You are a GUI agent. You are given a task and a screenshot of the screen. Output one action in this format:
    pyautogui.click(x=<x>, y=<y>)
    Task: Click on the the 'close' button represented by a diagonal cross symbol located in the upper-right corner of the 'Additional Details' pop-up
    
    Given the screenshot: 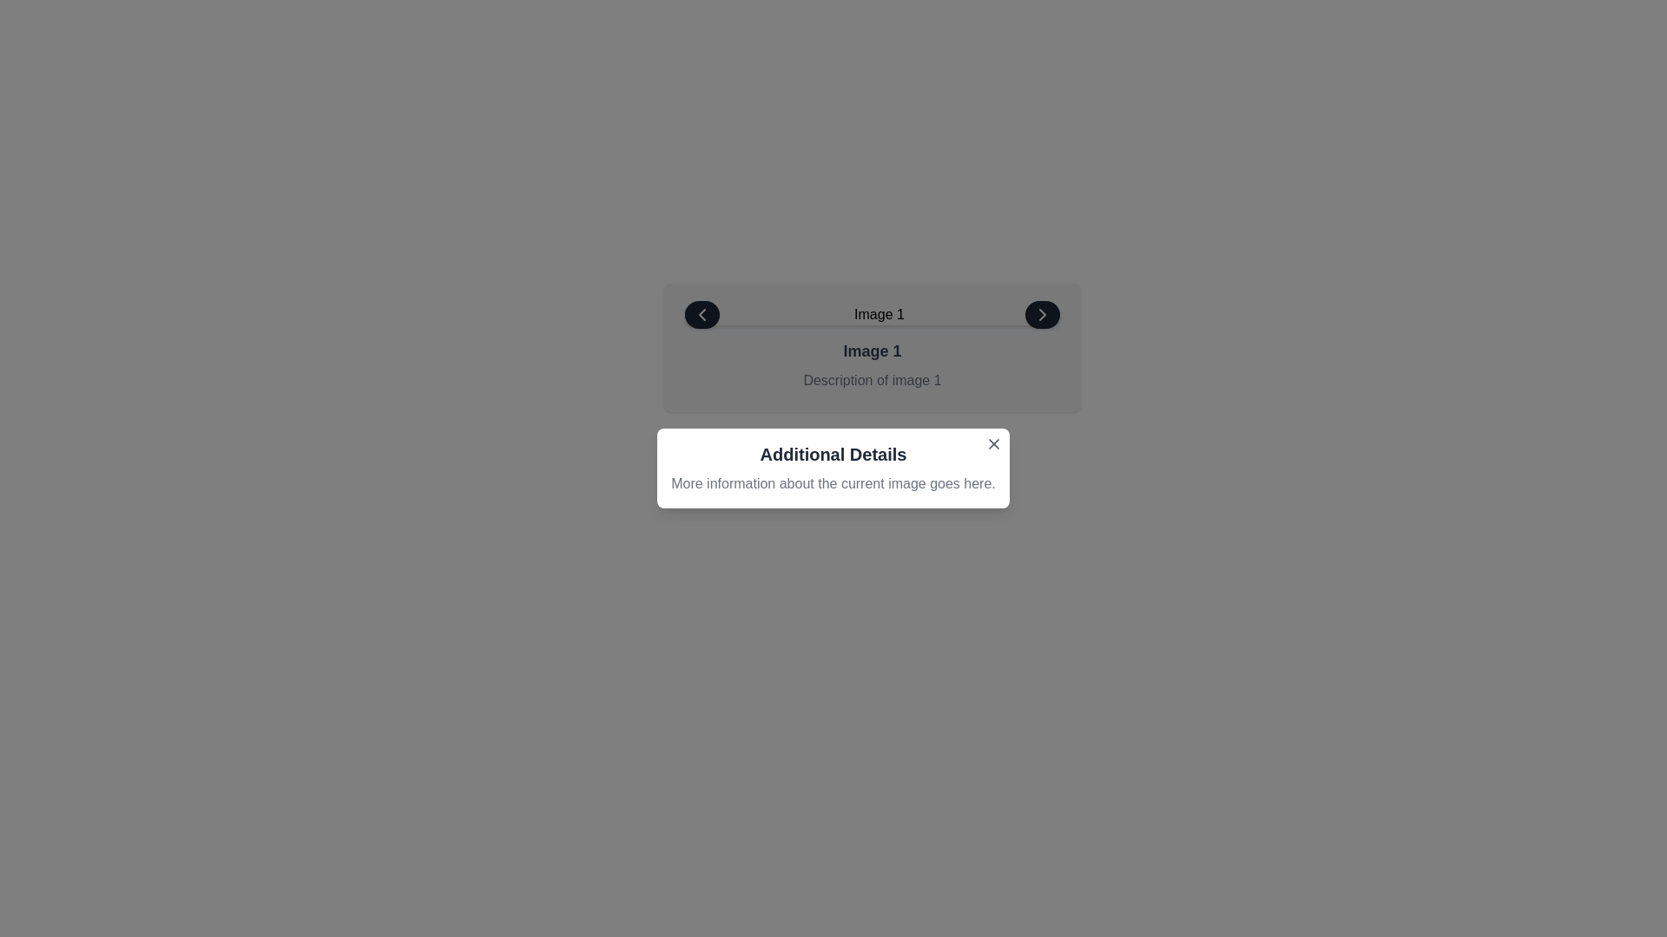 What is the action you would take?
    pyautogui.click(x=993, y=443)
    